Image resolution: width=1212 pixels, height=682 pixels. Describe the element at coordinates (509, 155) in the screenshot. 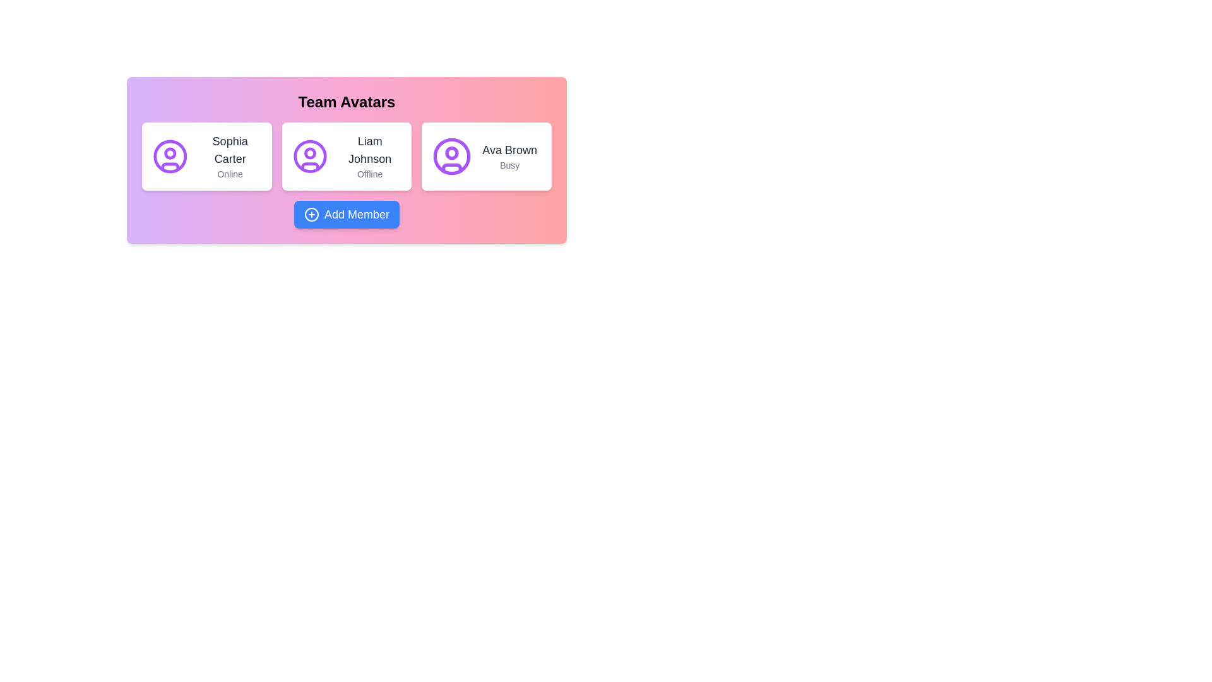

I see `the textual display component showing 'Ava Brown' and 'Busy', located in the rightmost card of three horizontally aligned cards` at that location.